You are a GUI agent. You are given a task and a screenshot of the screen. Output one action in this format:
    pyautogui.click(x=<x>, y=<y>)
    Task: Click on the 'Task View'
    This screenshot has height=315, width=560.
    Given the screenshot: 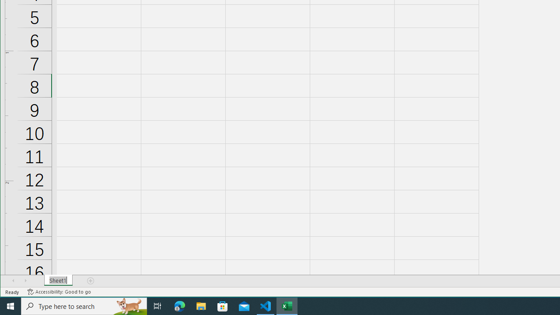 What is the action you would take?
    pyautogui.click(x=157, y=305)
    